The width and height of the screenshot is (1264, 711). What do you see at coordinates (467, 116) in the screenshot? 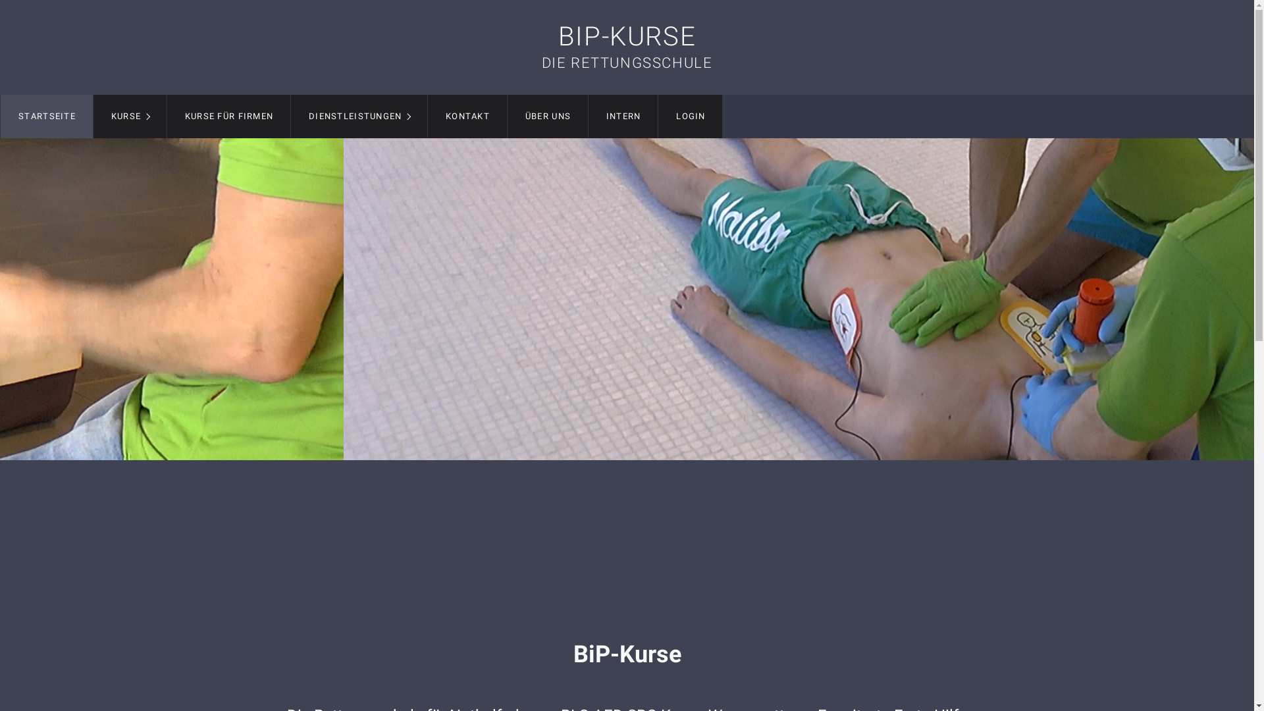
I see `'KONTAKT'` at bounding box center [467, 116].